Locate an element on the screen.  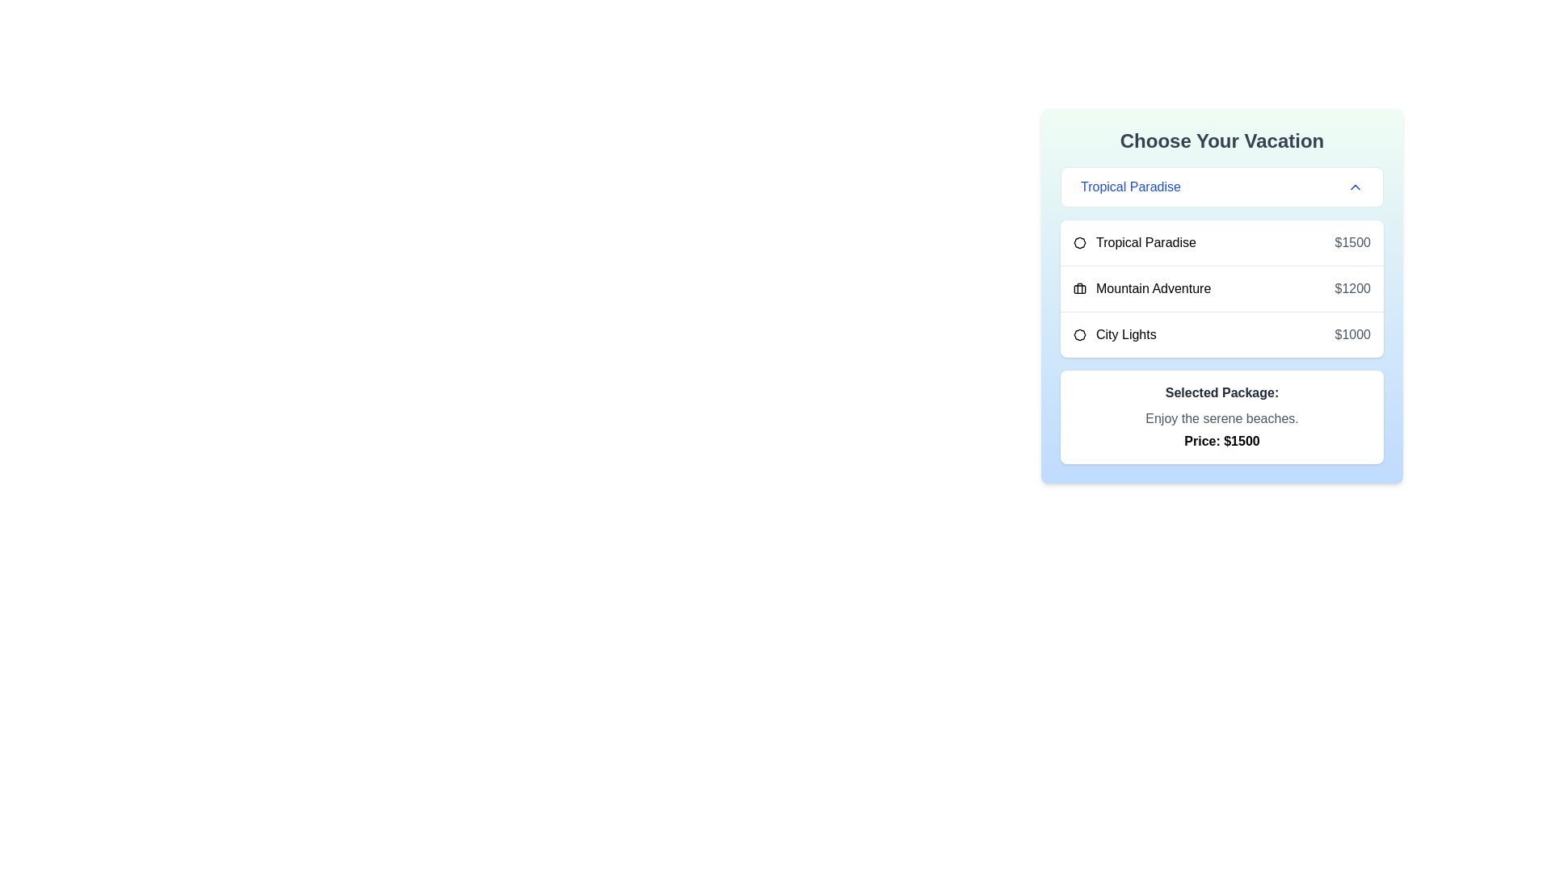
the badge icon representing the 'Tropical Paradise' category in the dropdown menu is located at coordinates (1079, 242).